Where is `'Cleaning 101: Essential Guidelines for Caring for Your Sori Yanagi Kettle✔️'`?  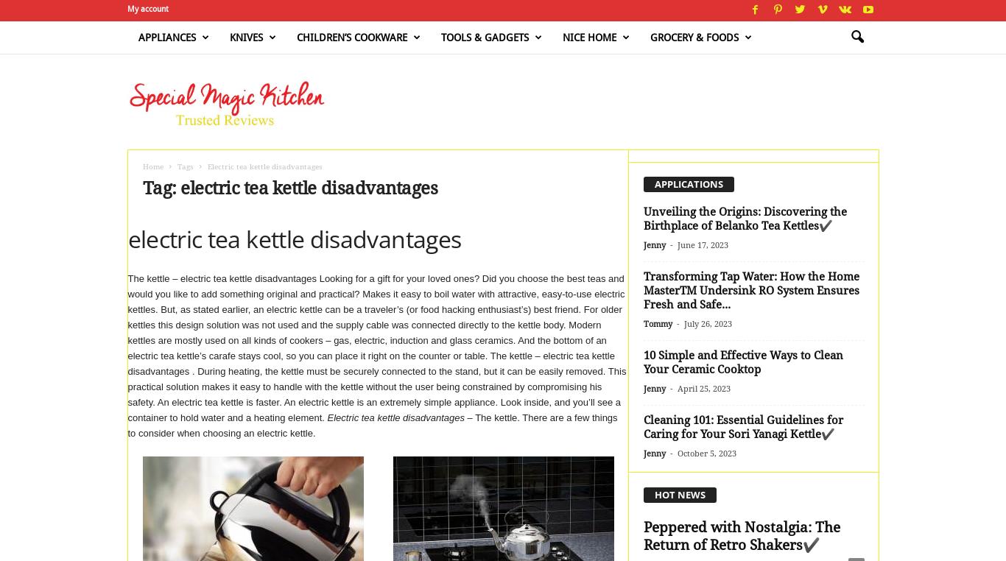
'Cleaning 101: Essential Guidelines for Caring for Your Sori Yanagi Kettle✔️' is located at coordinates (742, 427).